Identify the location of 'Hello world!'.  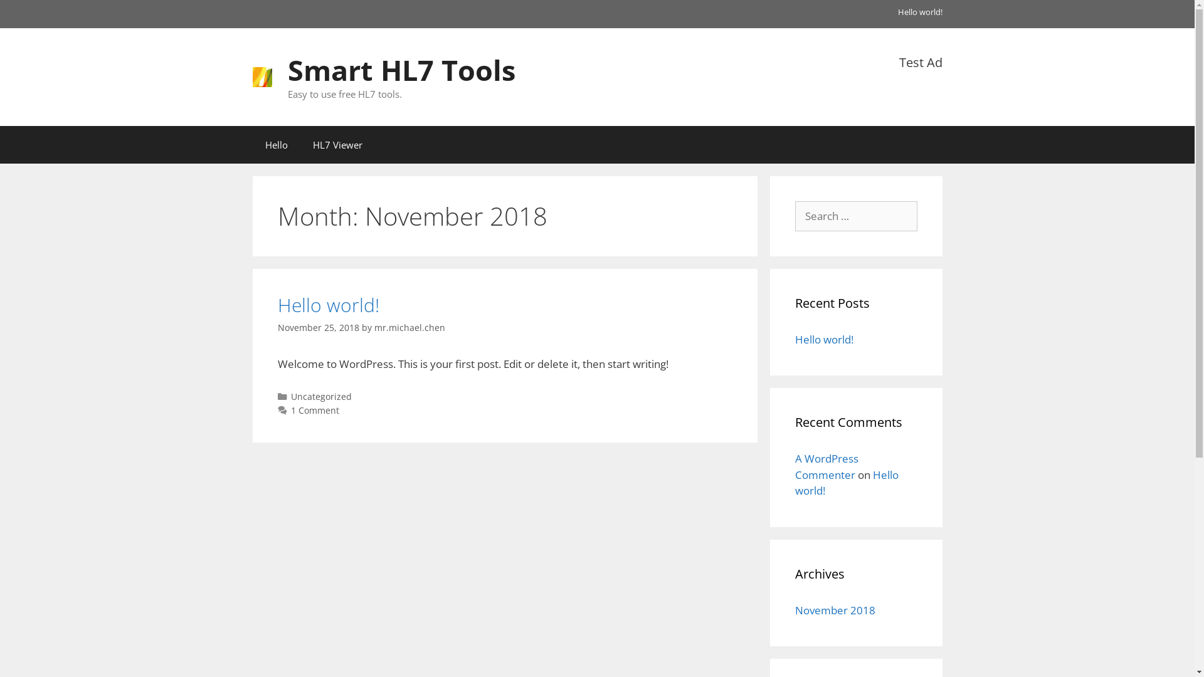
(794, 482).